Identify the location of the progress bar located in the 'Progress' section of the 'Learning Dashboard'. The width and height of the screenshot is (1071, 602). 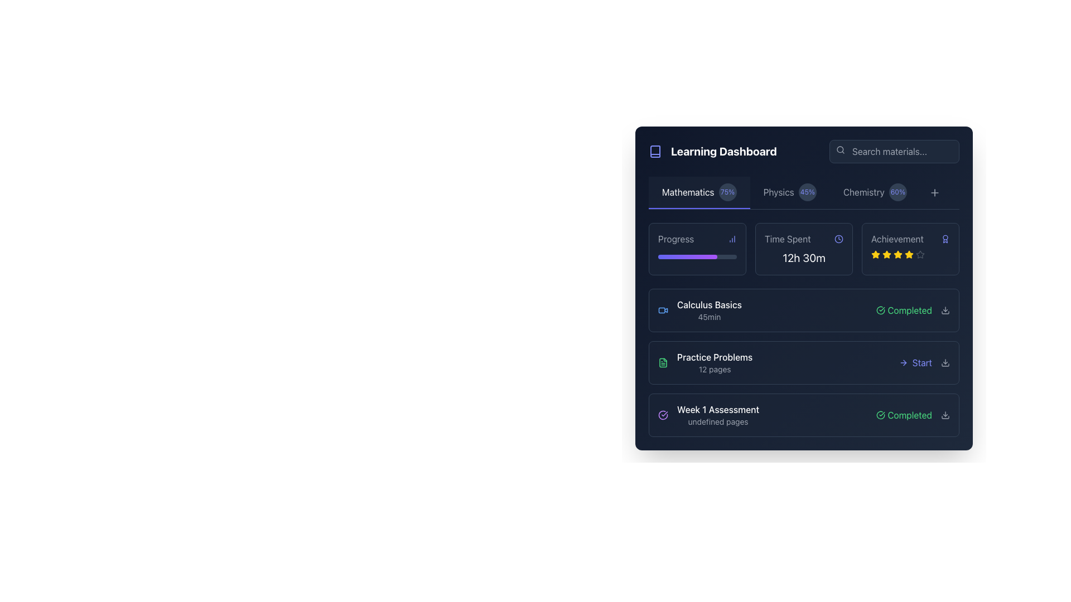
(687, 257).